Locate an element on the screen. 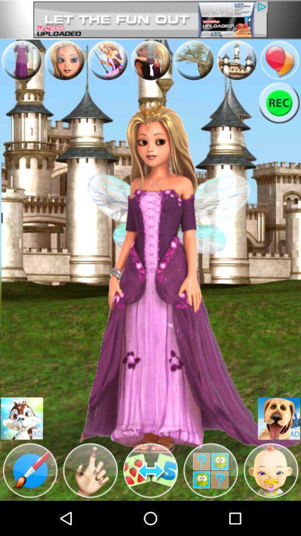  the avatar icon is located at coordinates (64, 64).